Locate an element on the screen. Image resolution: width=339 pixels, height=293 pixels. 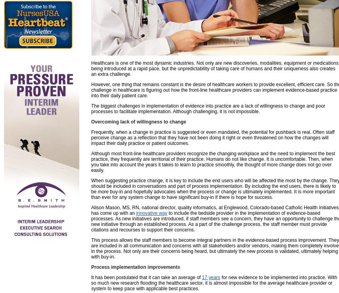
'innovative way' is located at coordinates (151, 212).